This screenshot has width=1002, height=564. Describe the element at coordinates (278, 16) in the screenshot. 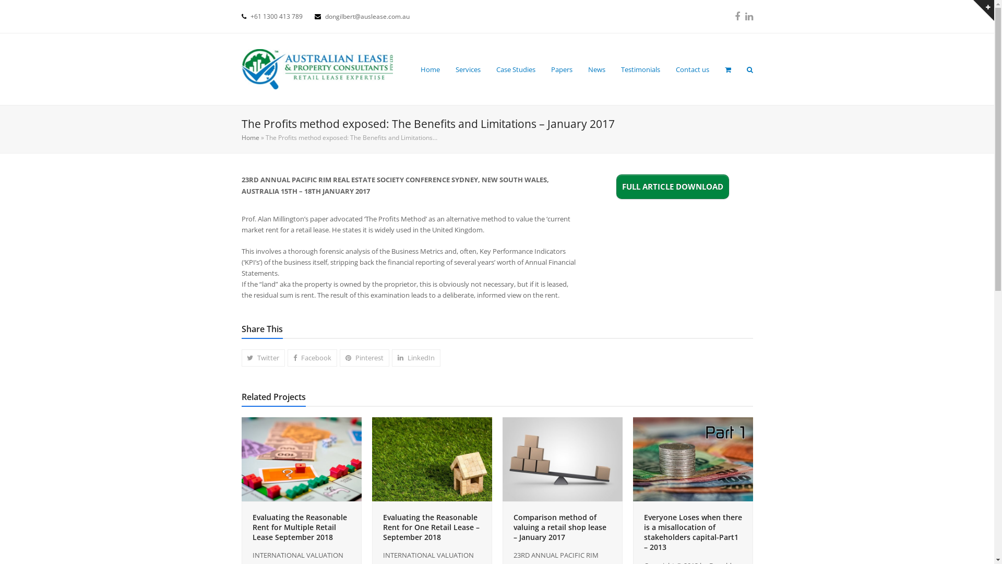

I see `'61 1300 413 789'` at that location.